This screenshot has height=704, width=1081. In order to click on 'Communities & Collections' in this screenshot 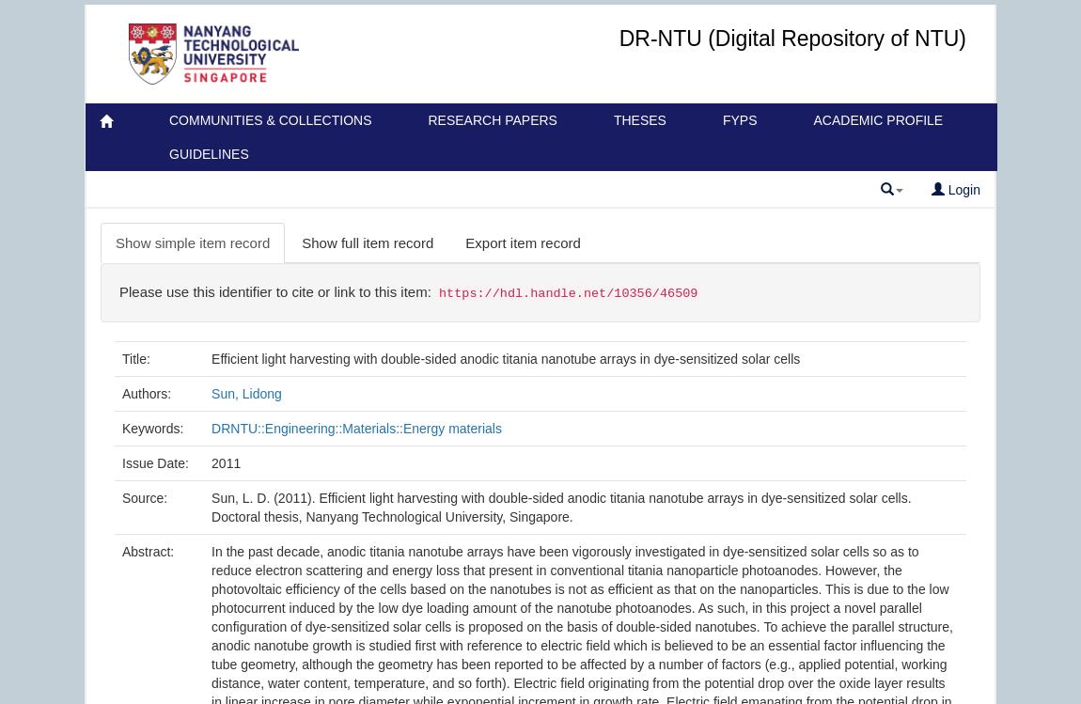, I will do `click(269, 119)`.